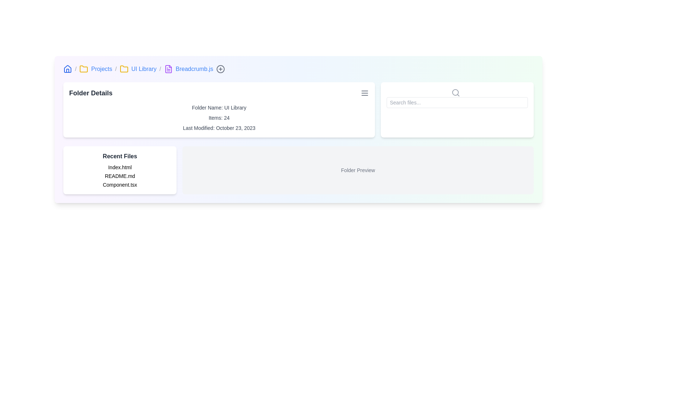  What do you see at coordinates (68, 69) in the screenshot?
I see `the home button SVG icon located at the top-left corner of the breadcrumb navigation bar` at bounding box center [68, 69].